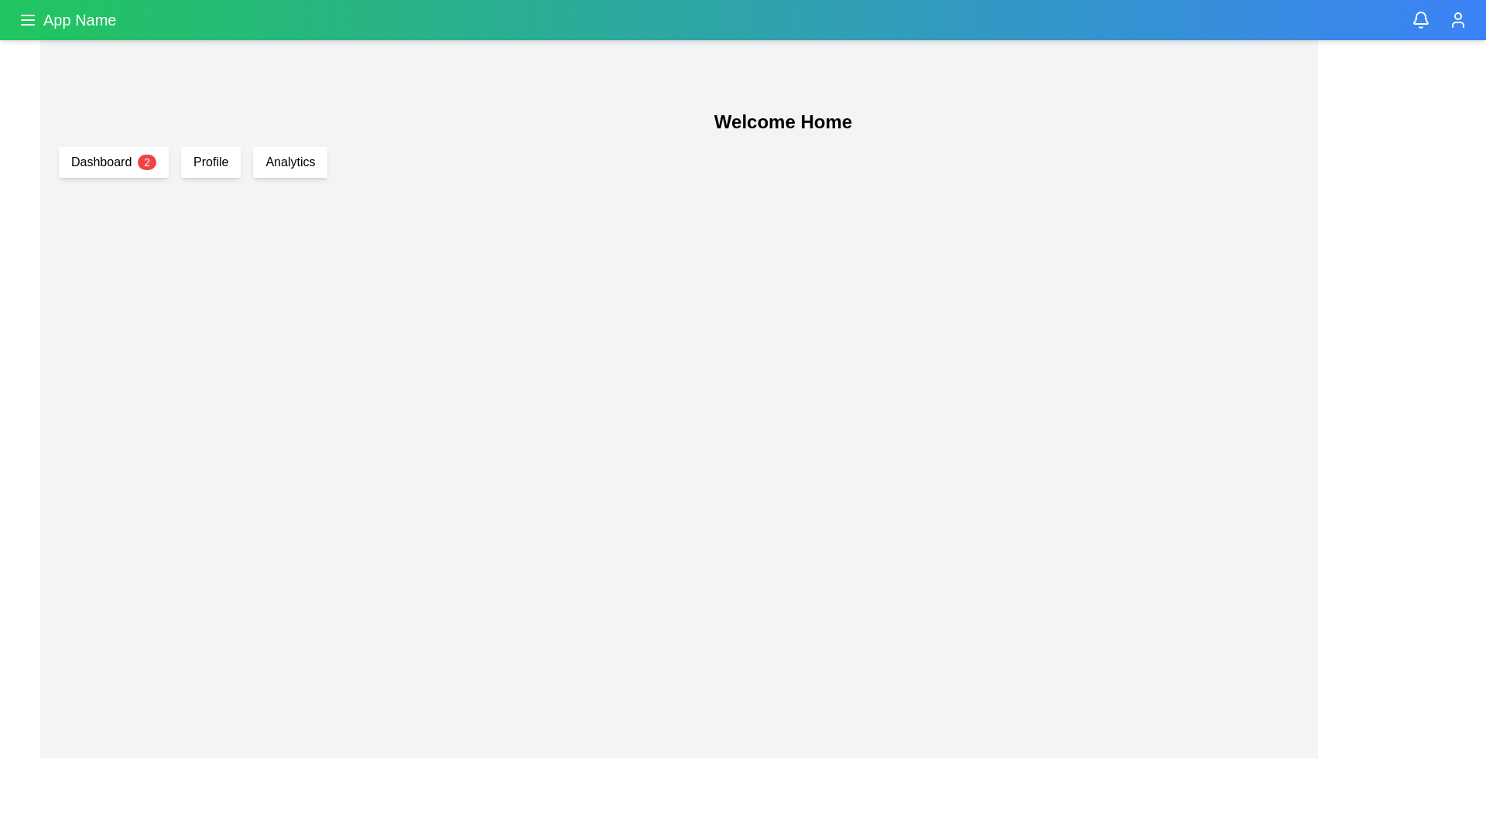 This screenshot has width=1486, height=835. I want to click on the bell icon, so click(1421, 20).